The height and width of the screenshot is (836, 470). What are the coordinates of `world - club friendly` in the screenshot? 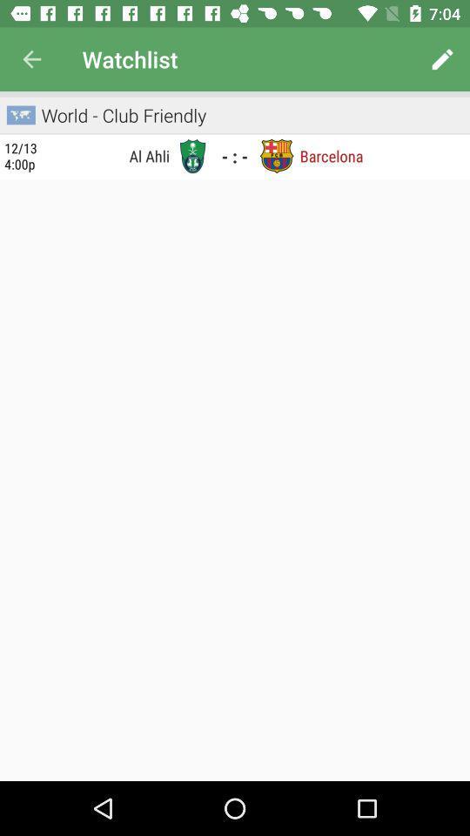 It's located at (122, 114).